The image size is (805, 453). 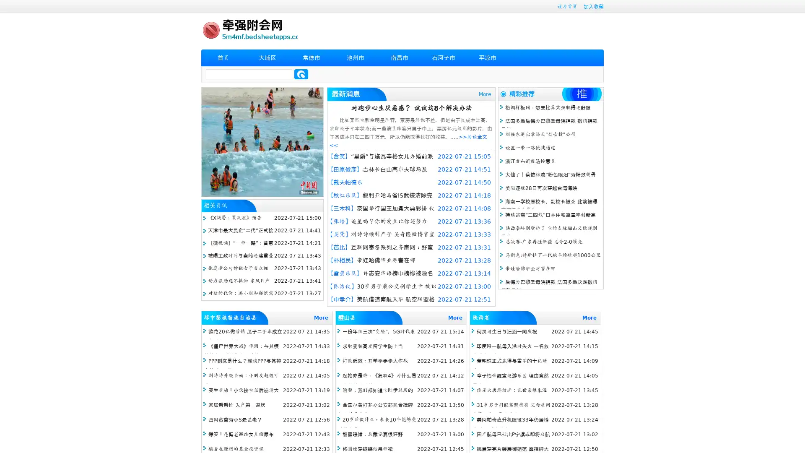 What do you see at coordinates (301, 74) in the screenshot?
I see `Search` at bounding box center [301, 74].